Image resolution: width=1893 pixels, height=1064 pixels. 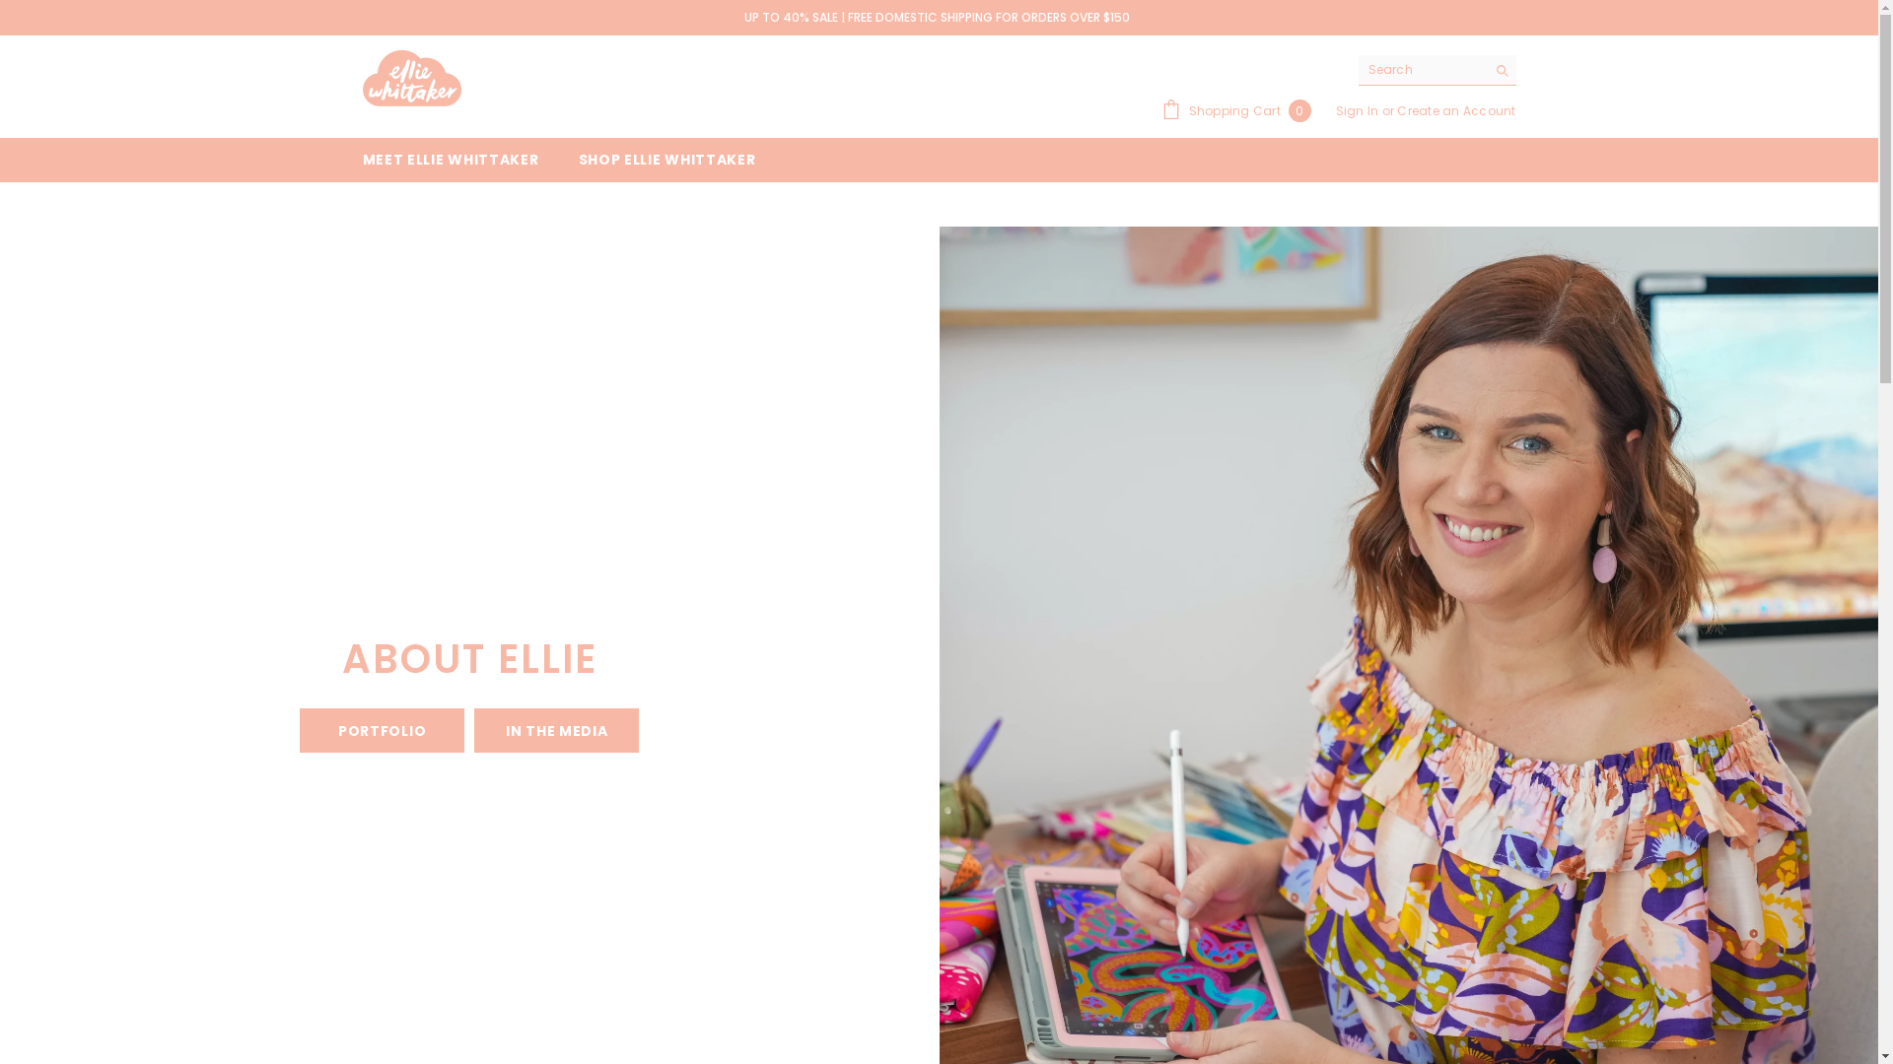 What do you see at coordinates (1358, 110) in the screenshot?
I see `'Sign In'` at bounding box center [1358, 110].